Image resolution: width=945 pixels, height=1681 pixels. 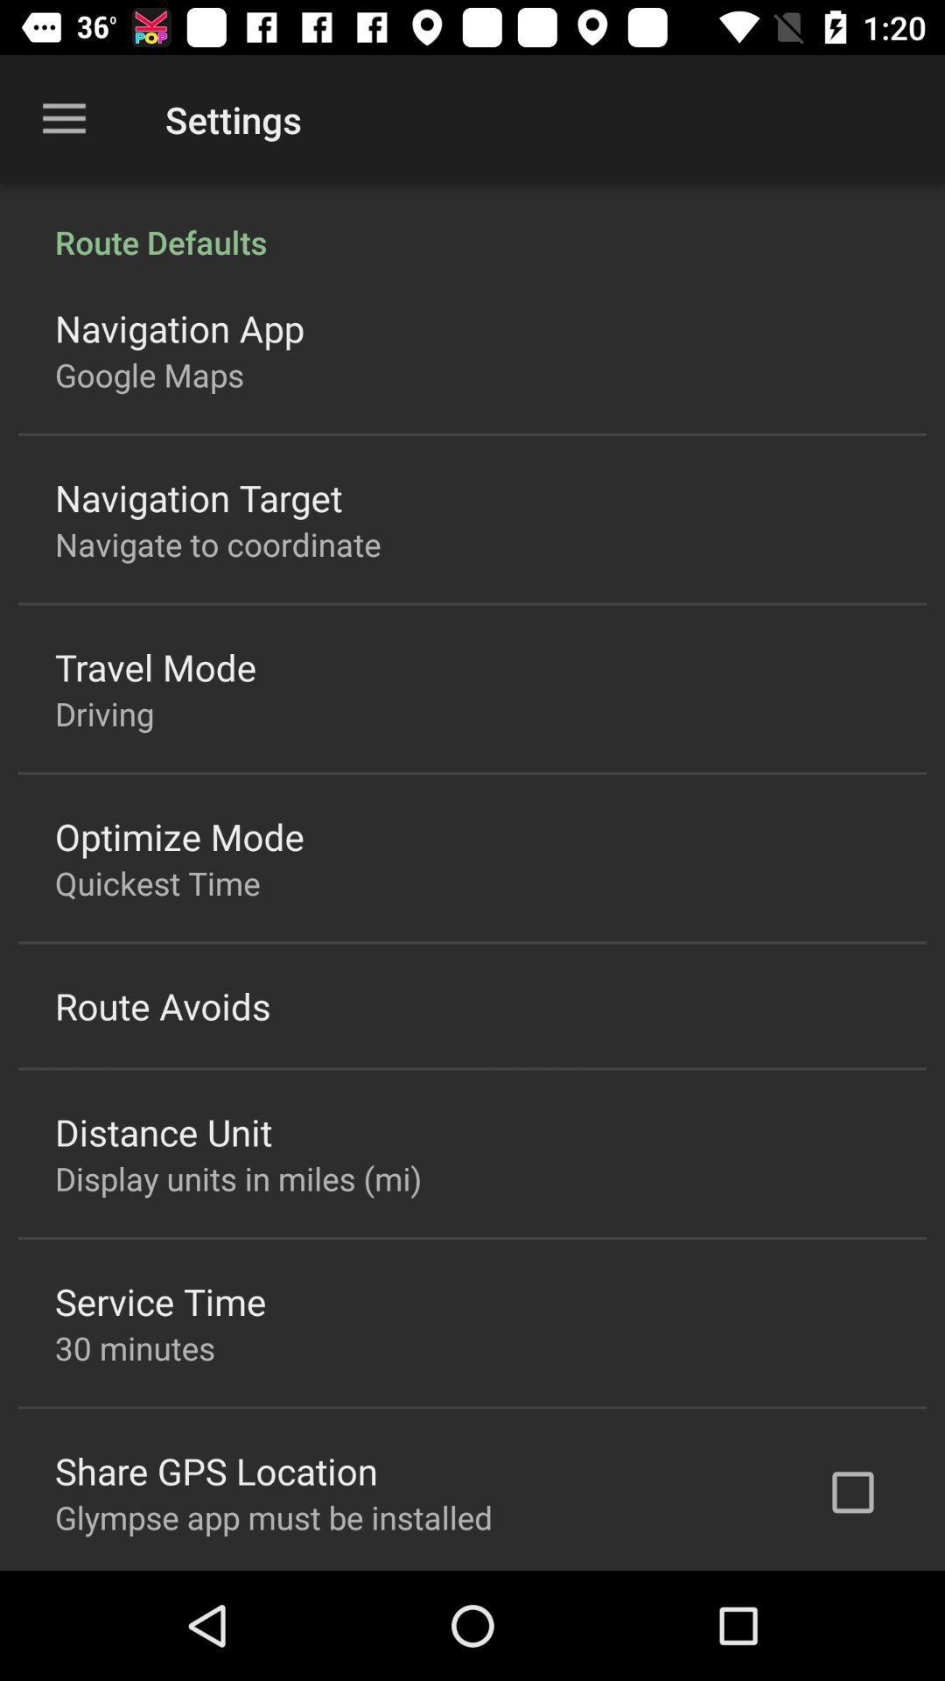 I want to click on item above distance unit item, so click(x=163, y=1005).